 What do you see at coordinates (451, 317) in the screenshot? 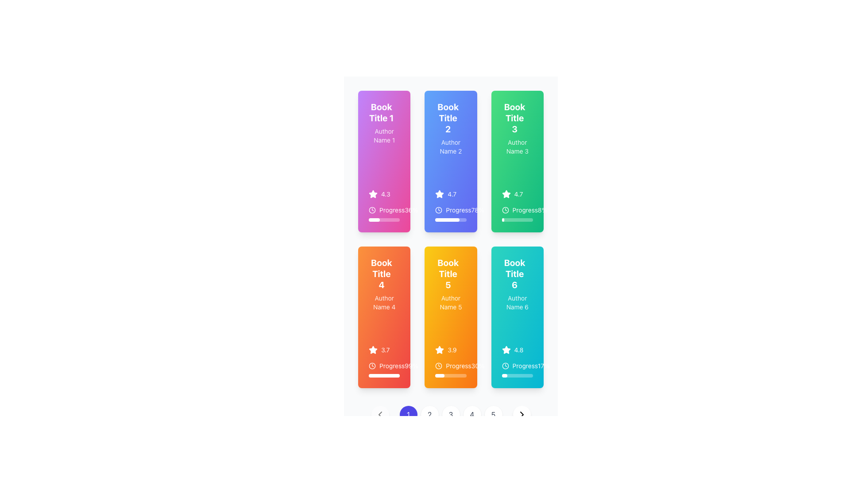
I see `the Information Card displaying book details, located in the second row and second column of the grid layout` at bounding box center [451, 317].